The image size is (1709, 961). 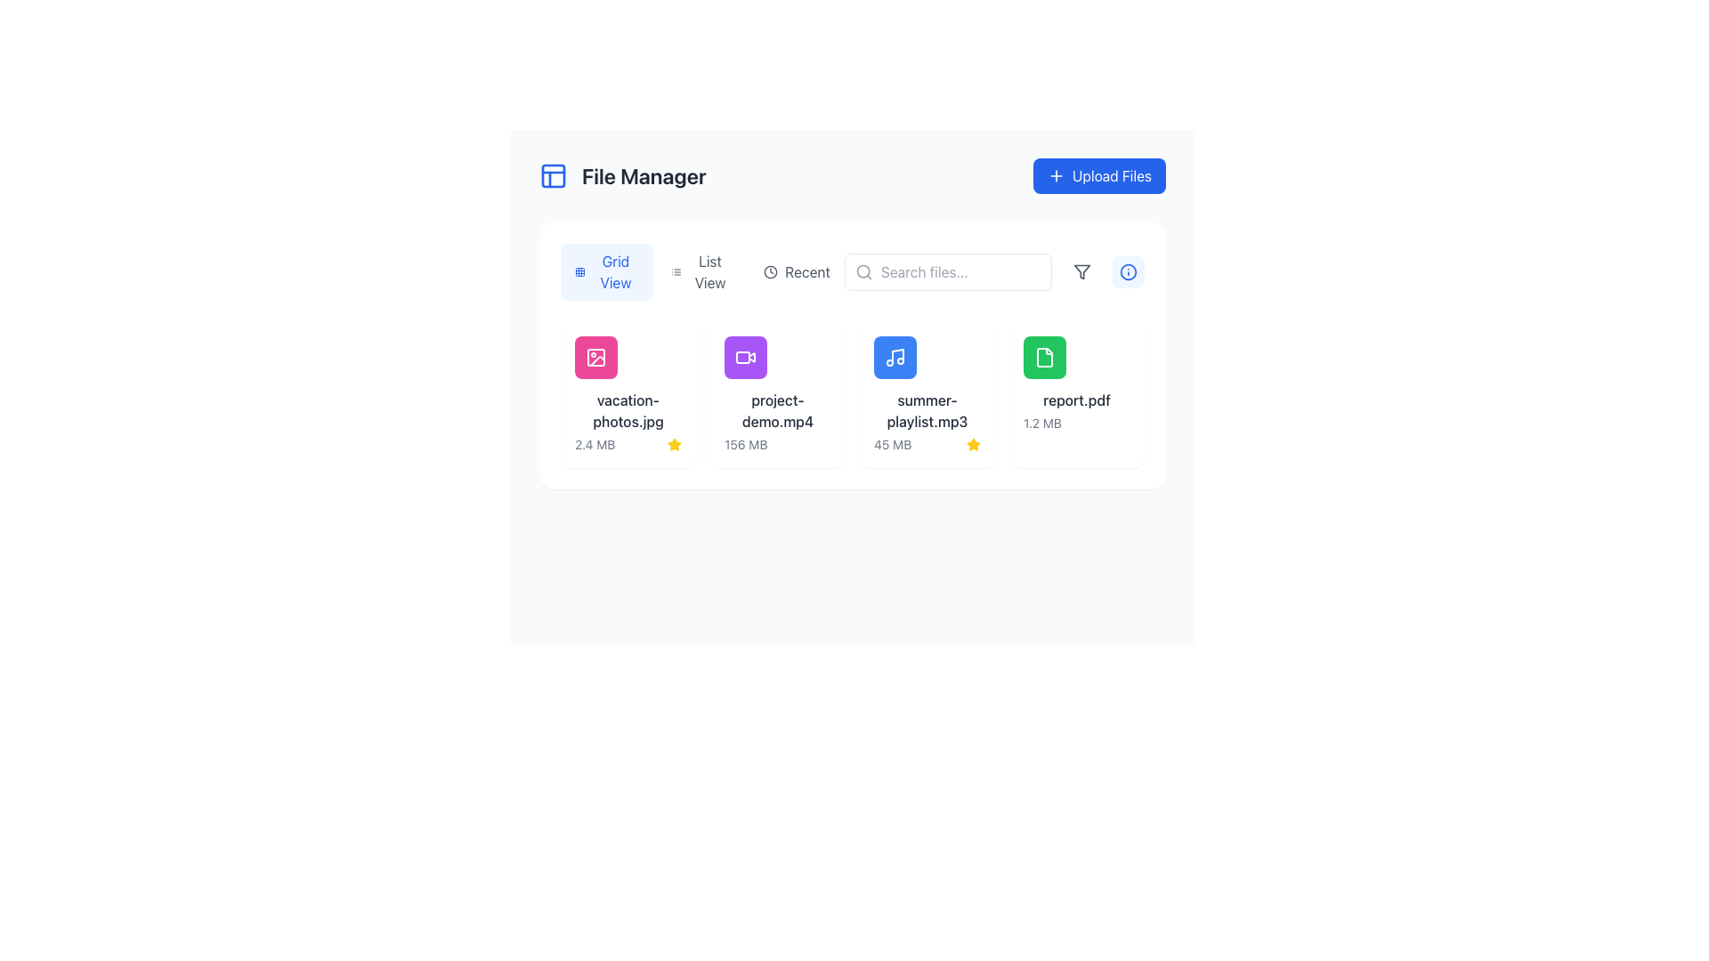 I want to click on the photo image icon with a pink circular background, so click(x=596, y=357).